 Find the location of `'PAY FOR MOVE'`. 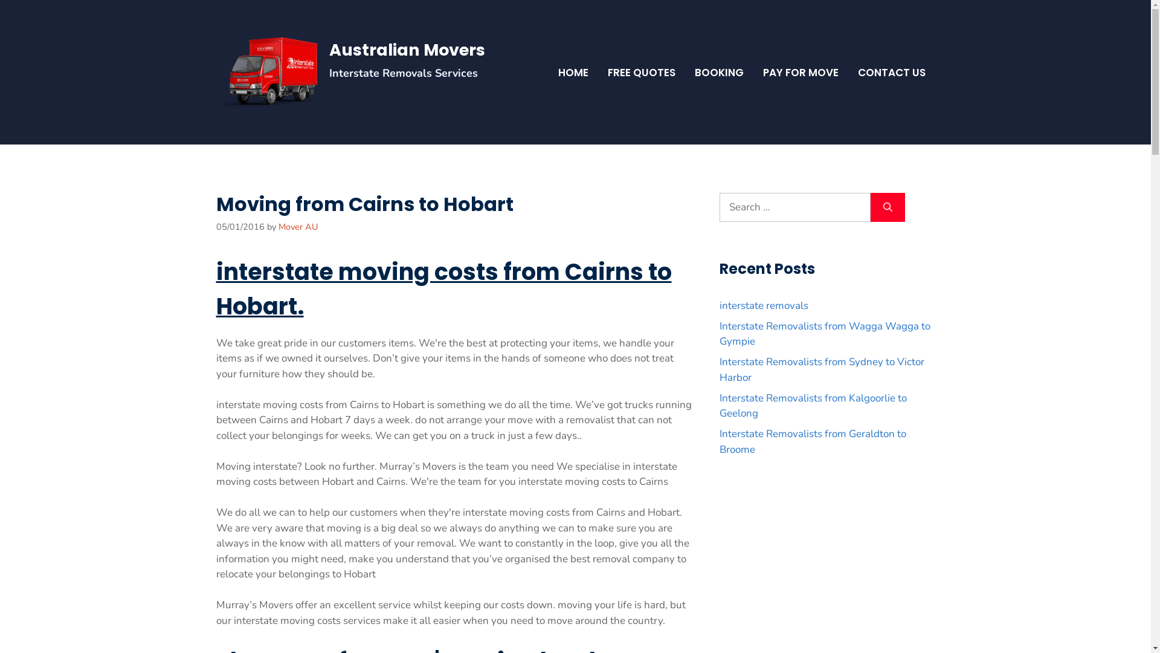

'PAY FOR MOVE' is located at coordinates (800, 72).